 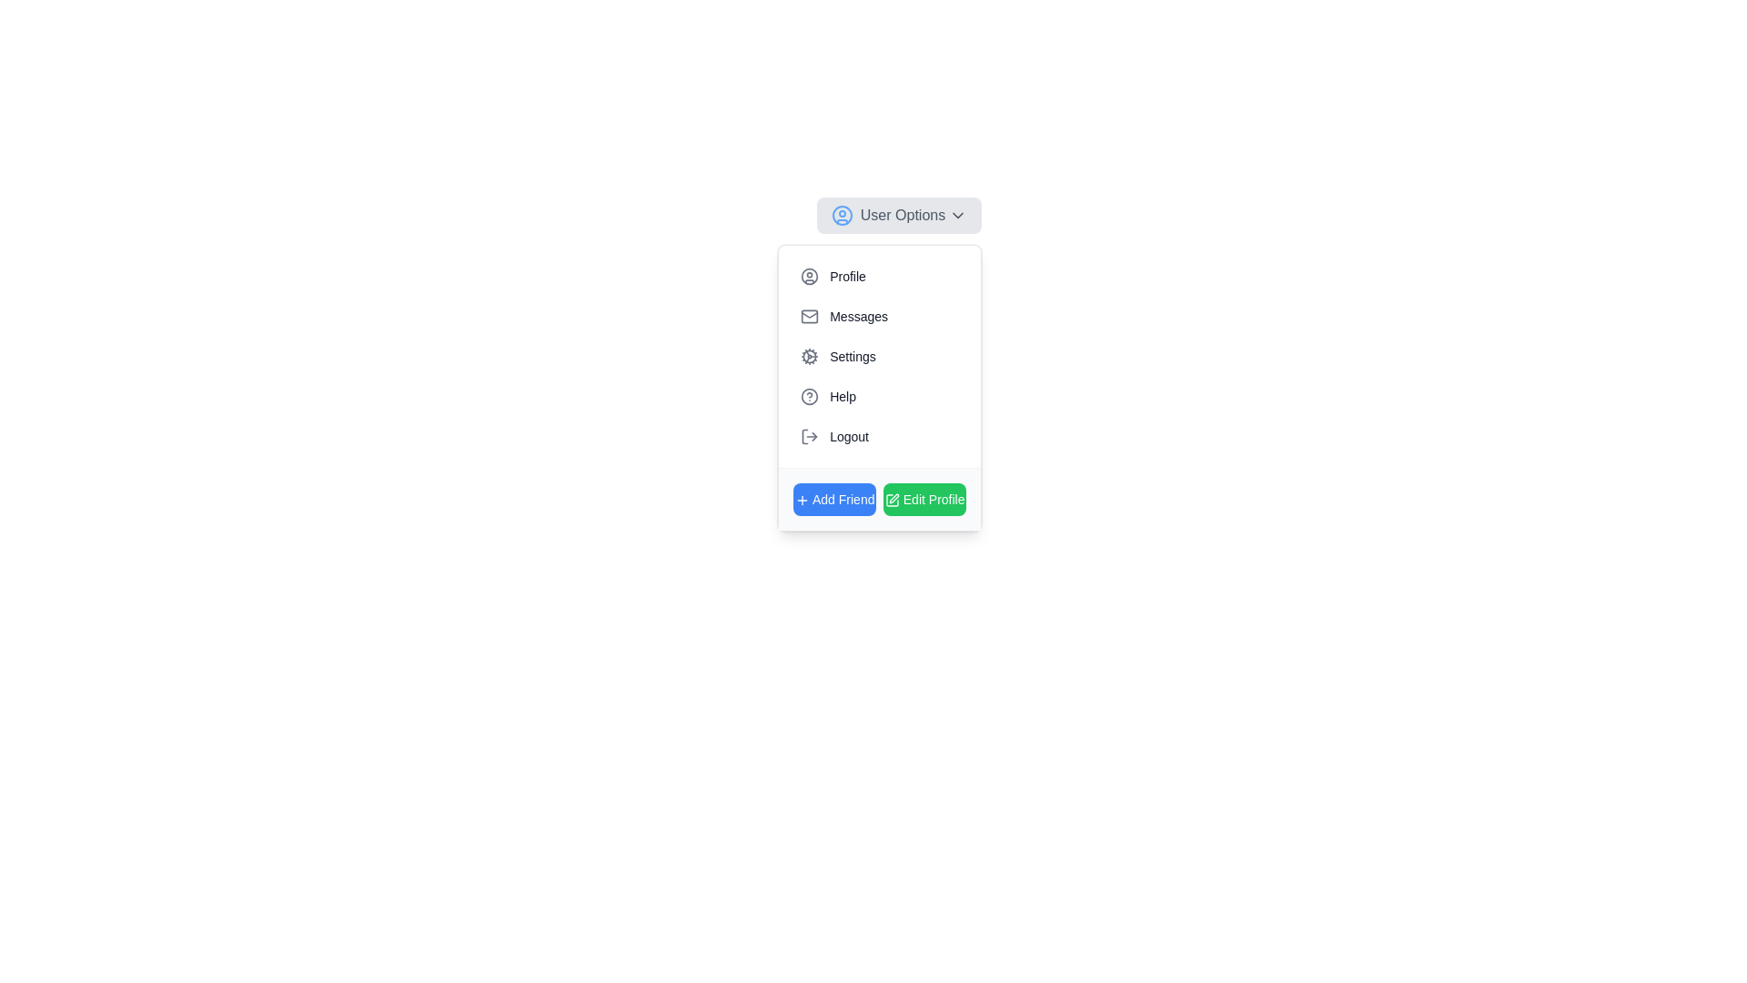 What do you see at coordinates (809, 314) in the screenshot?
I see `the envelope icon representing the 'Messages' function in the dropdown menu` at bounding box center [809, 314].